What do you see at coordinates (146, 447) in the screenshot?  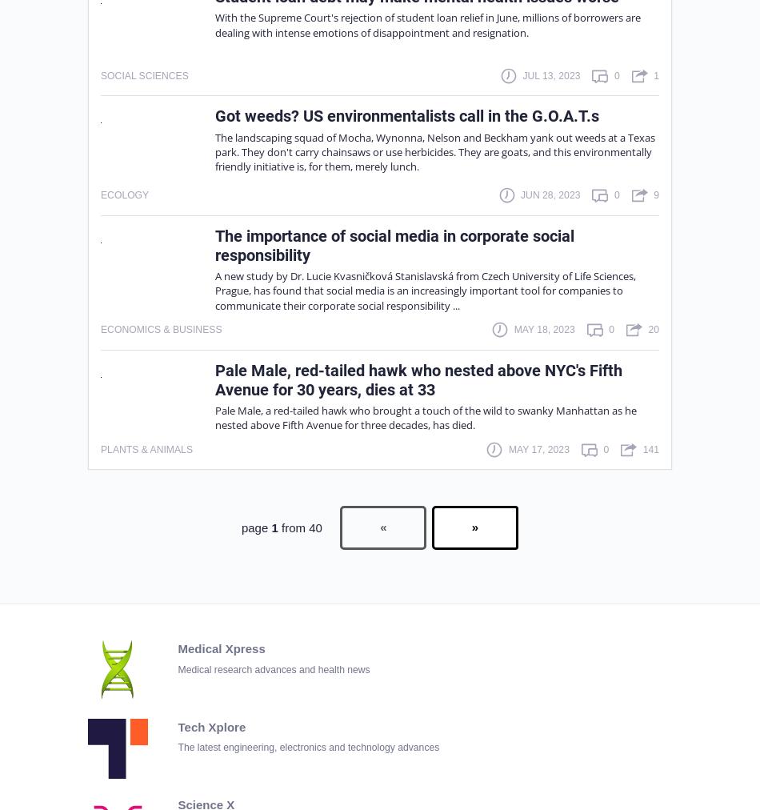 I see `'Plants & Animals'` at bounding box center [146, 447].